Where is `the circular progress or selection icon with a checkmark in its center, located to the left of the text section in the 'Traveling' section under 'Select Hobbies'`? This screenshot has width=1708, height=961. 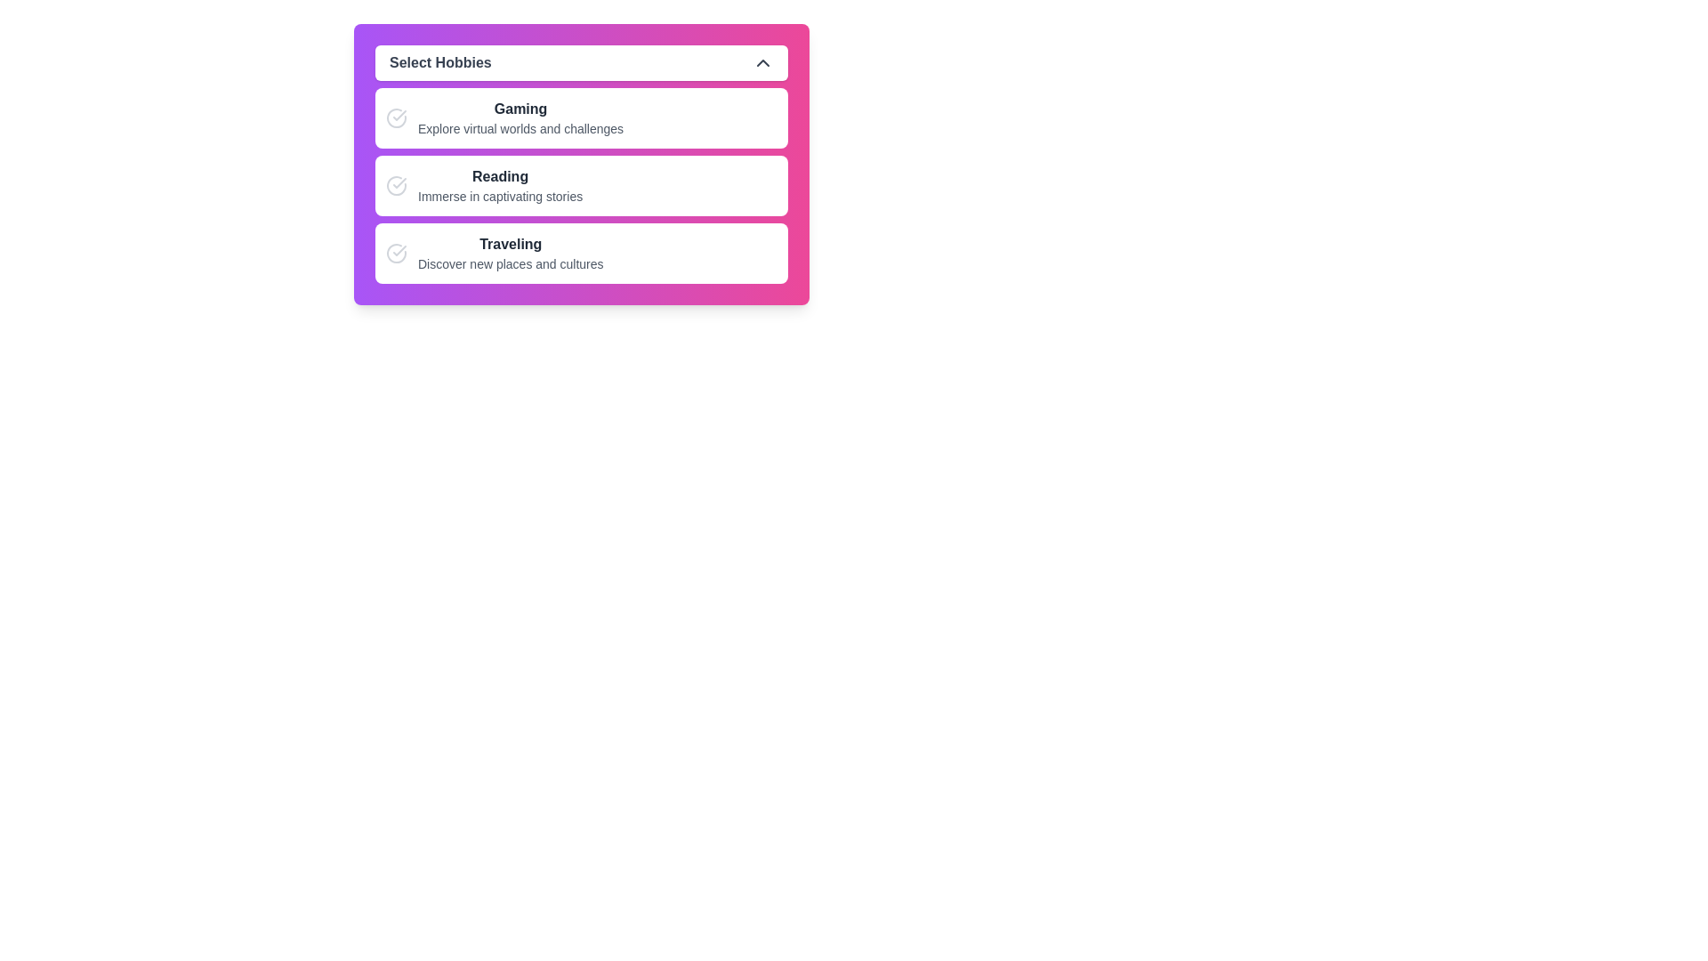
the circular progress or selection icon with a checkmark in its center, located to the left of the text section in the 'Traveling' section under 'Select Hobbies' is located at coordinates (396, 254).